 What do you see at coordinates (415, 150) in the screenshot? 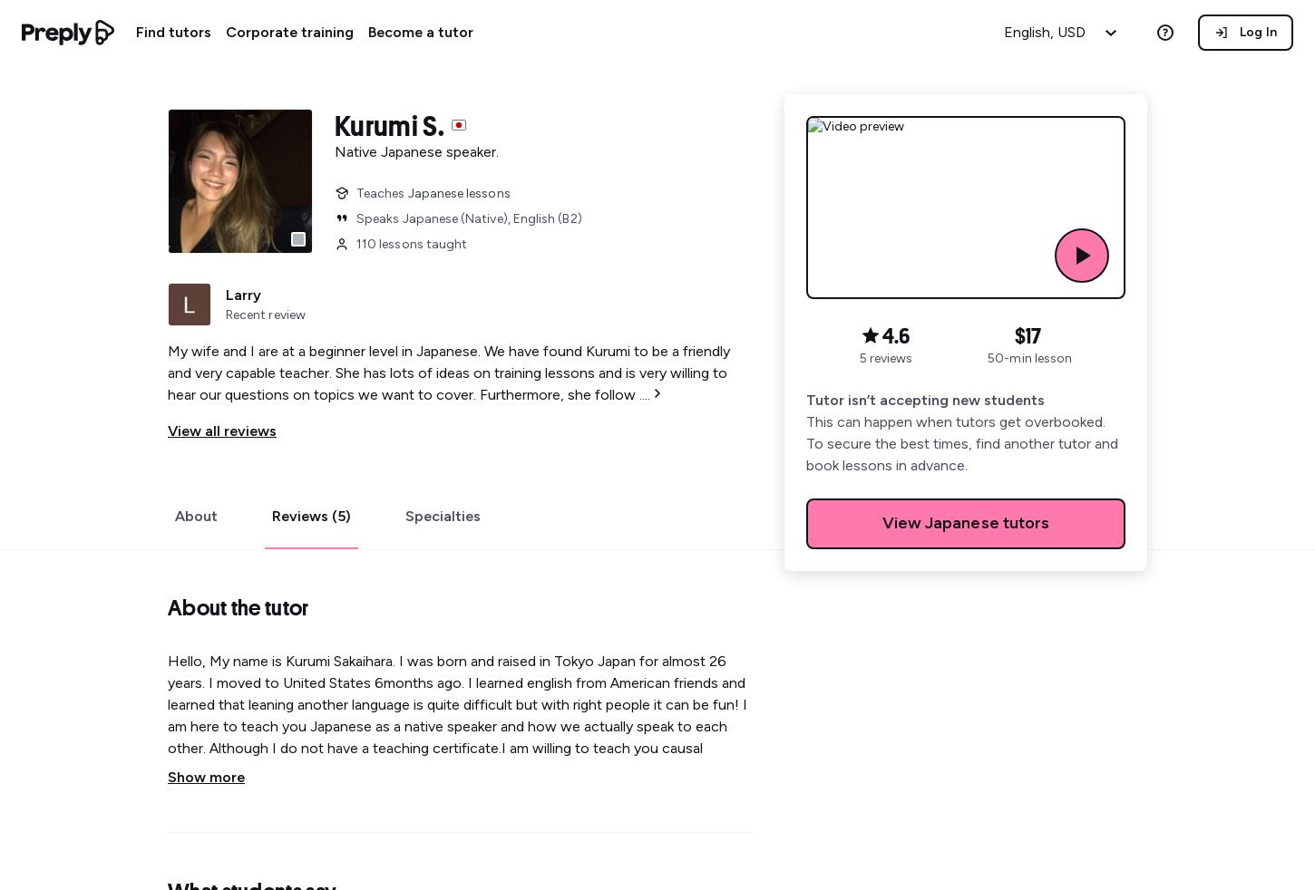
I see `'Native Japanese speaker.'` at bounding box center [415, 150].